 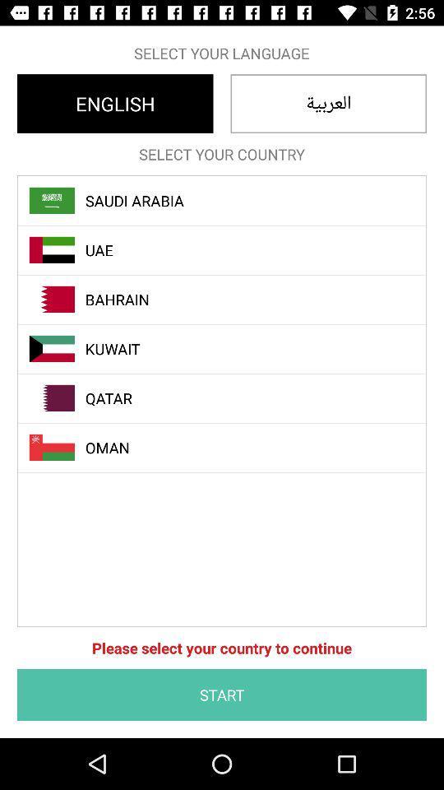 What do you see at coordinates (230, 200) in the screenshot?
I see `the icon above the uae item` at bounding box center [230, 200].